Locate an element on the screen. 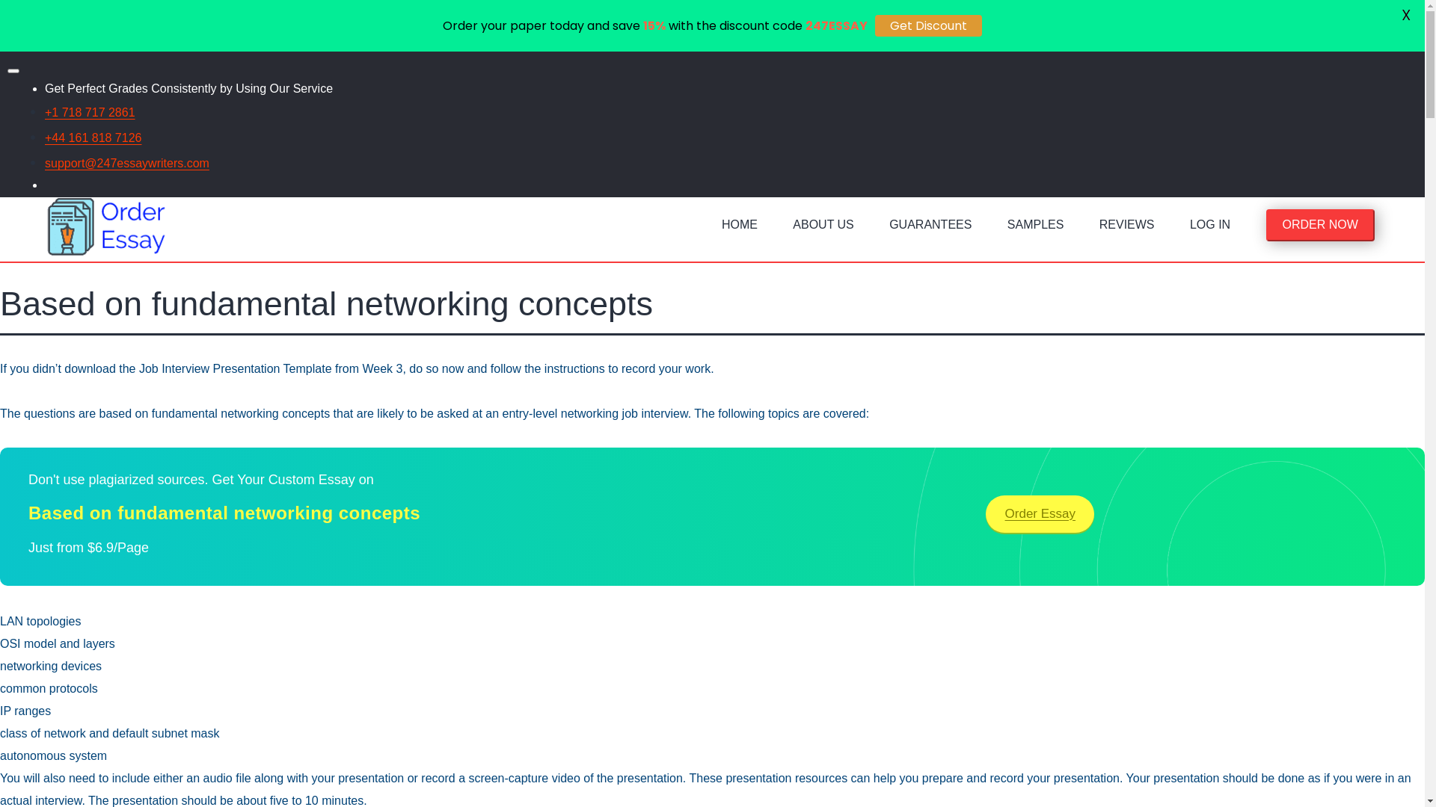  '+1 718 717 2861' is located at coordinates (44, 111).